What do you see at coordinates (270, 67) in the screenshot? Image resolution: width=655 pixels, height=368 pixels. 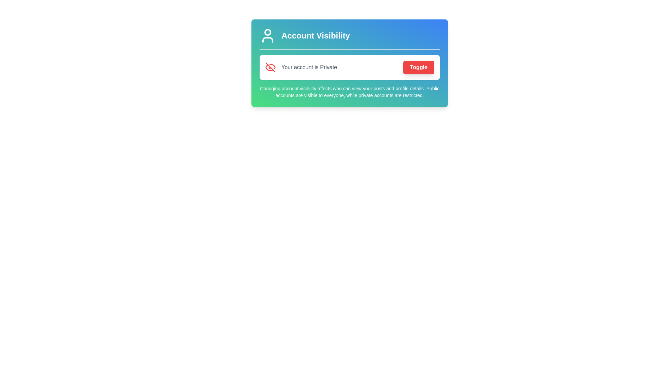 I see `the privacy status icon that indicates the user's account is private, located to the left of the text 'Your account is Private' in the settings panel` at bounding box center [270, 67].